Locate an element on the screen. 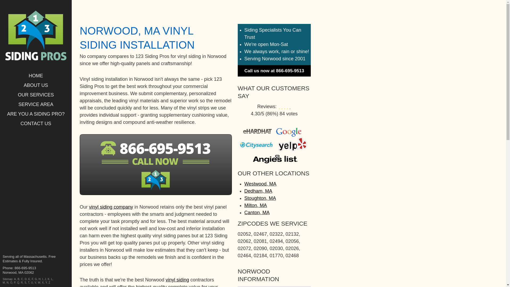  'Sitemap' is located at coordinates (7, 279).